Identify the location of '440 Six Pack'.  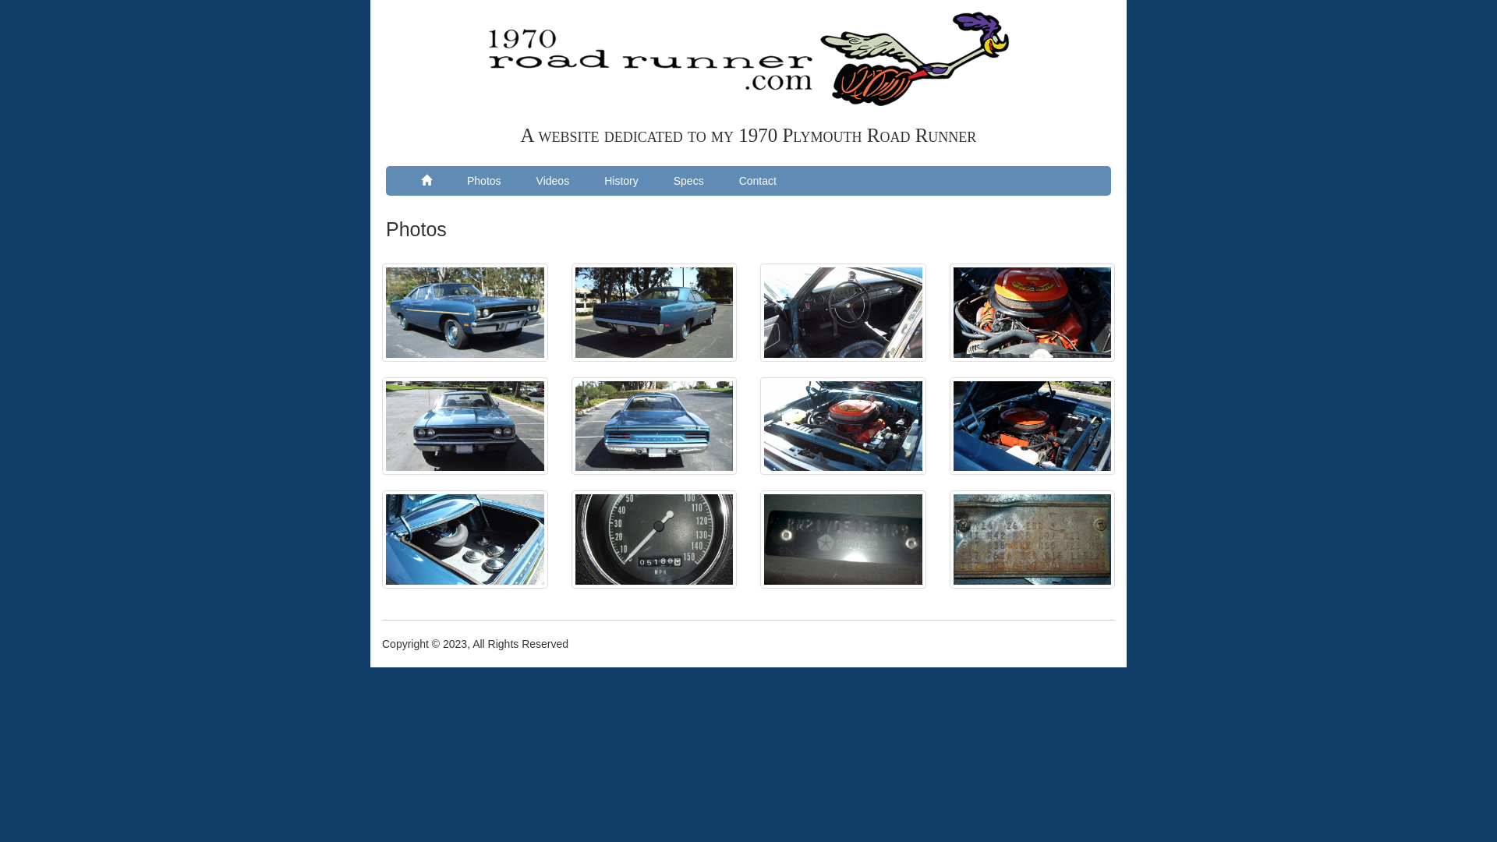
(1032, 313).